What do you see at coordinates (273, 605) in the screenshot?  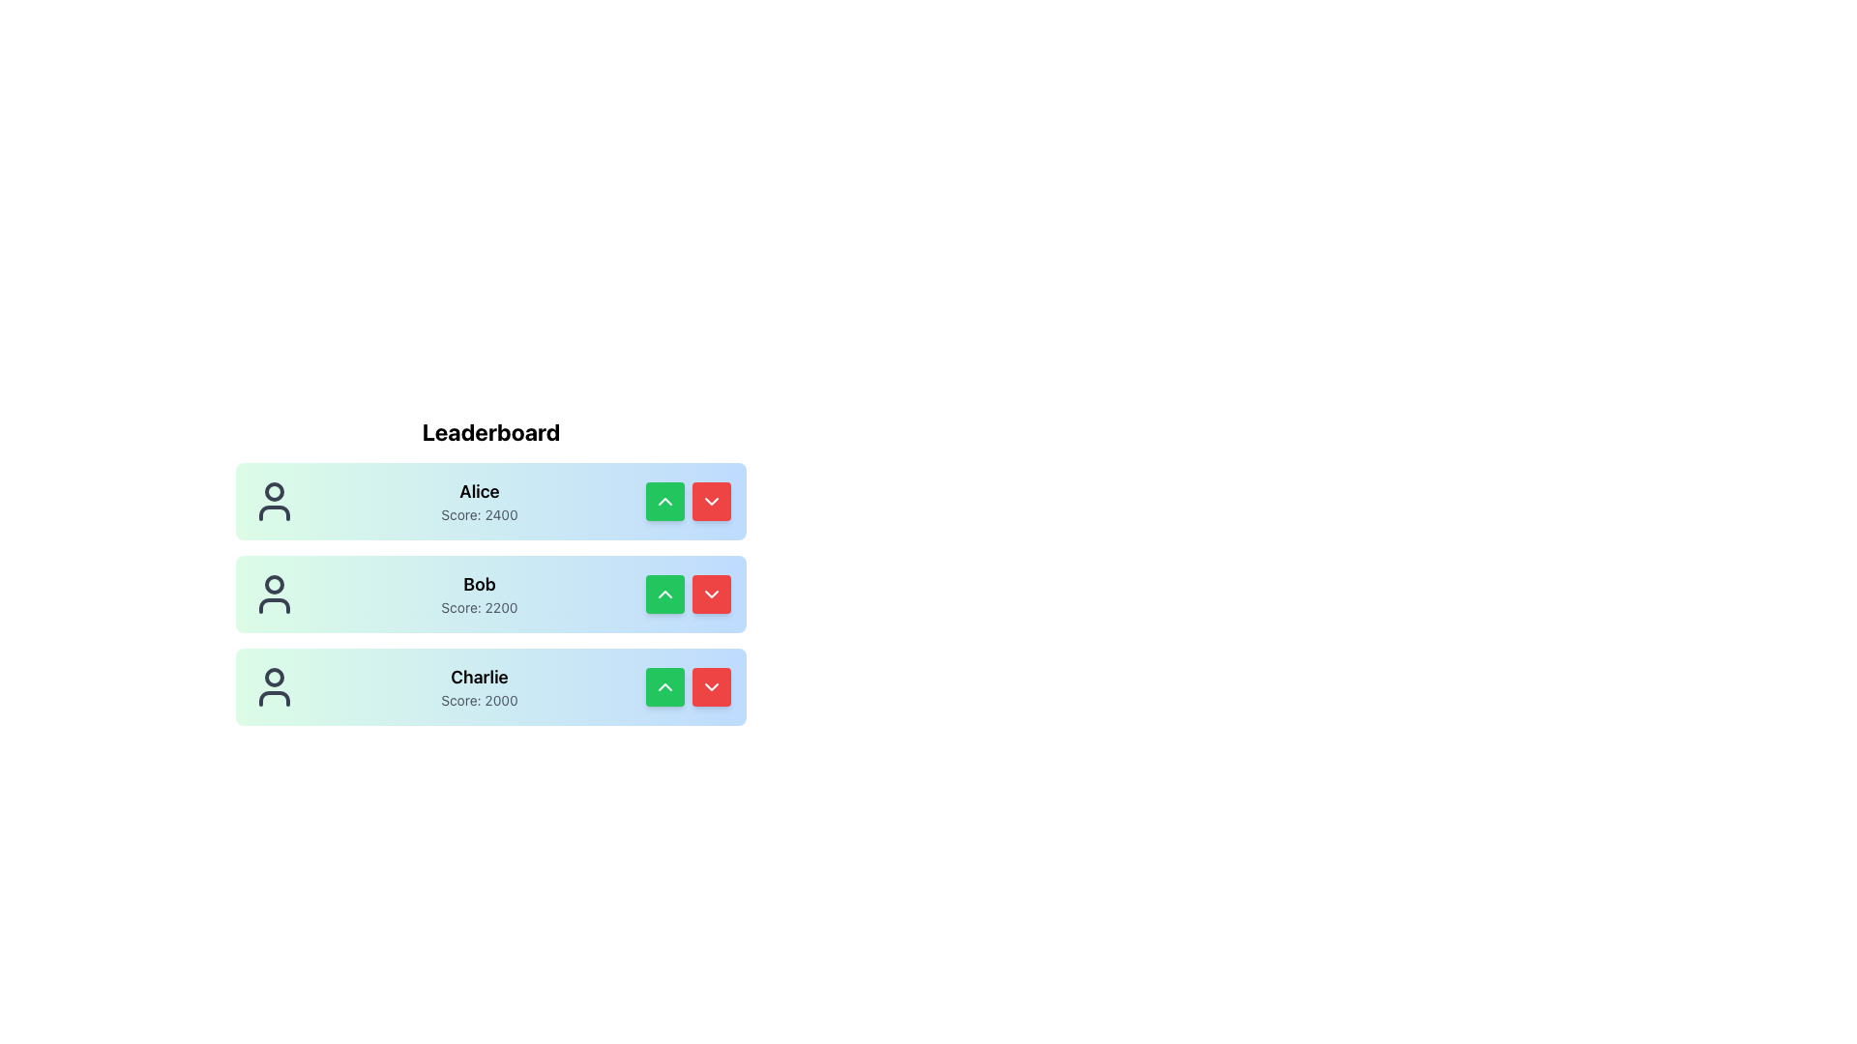 I see `the lower portion of the user icon, which is a curved graphical component directly below the circular part of the icon, representing the torso or body` at bounding box center [273, 605].